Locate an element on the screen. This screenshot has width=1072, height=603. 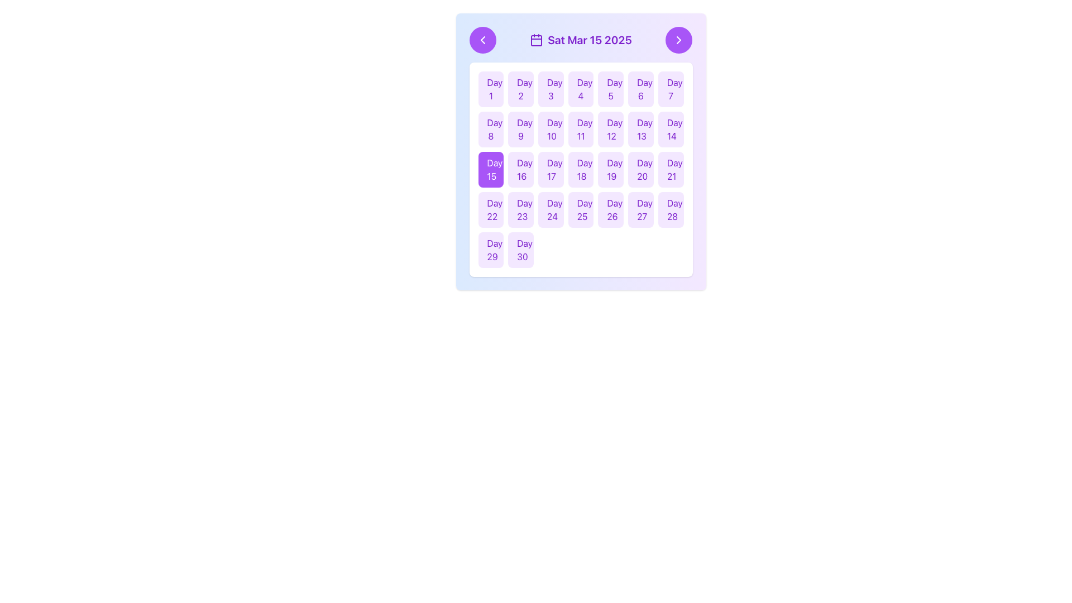
the 'Day 19' button in the calendar interface is located at coordinates (610, 170).